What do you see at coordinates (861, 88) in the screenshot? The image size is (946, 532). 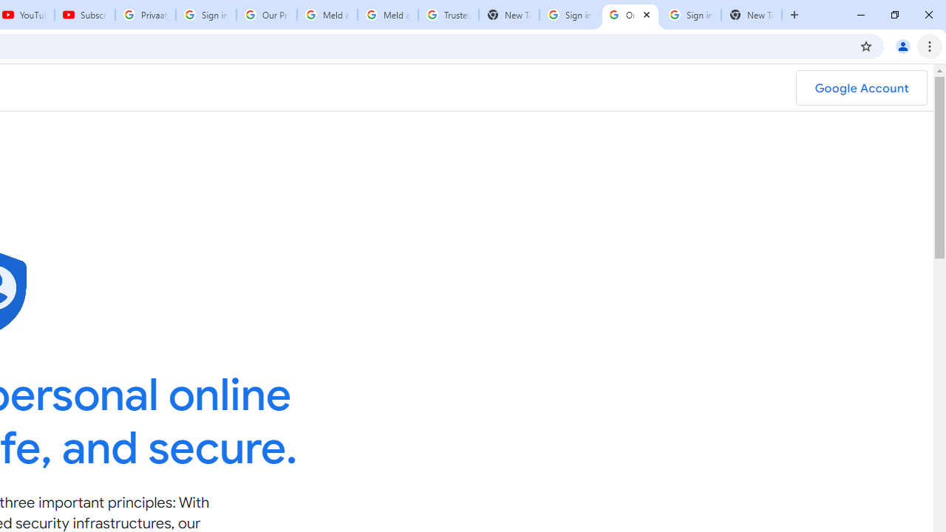 I see `'Google Account'` at bounding box center [861, 88].